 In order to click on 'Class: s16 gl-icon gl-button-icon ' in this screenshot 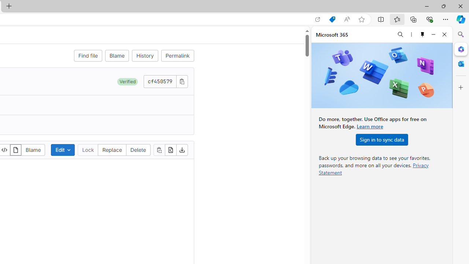, I will do `click(182, 81)`.